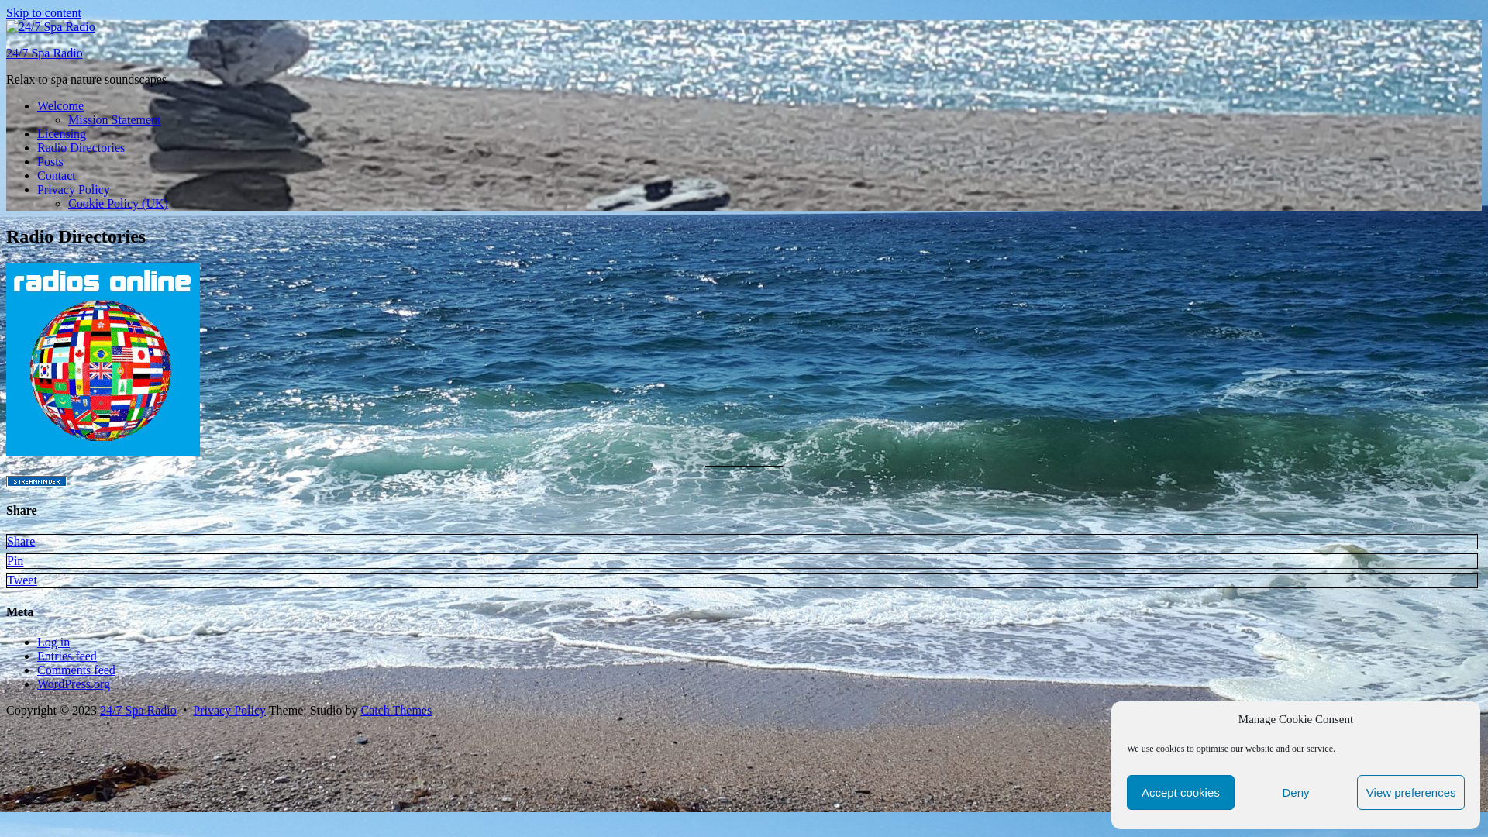 This screenshot has width=1488, height=837. I want to click on 'Contact', so click(56, 174).